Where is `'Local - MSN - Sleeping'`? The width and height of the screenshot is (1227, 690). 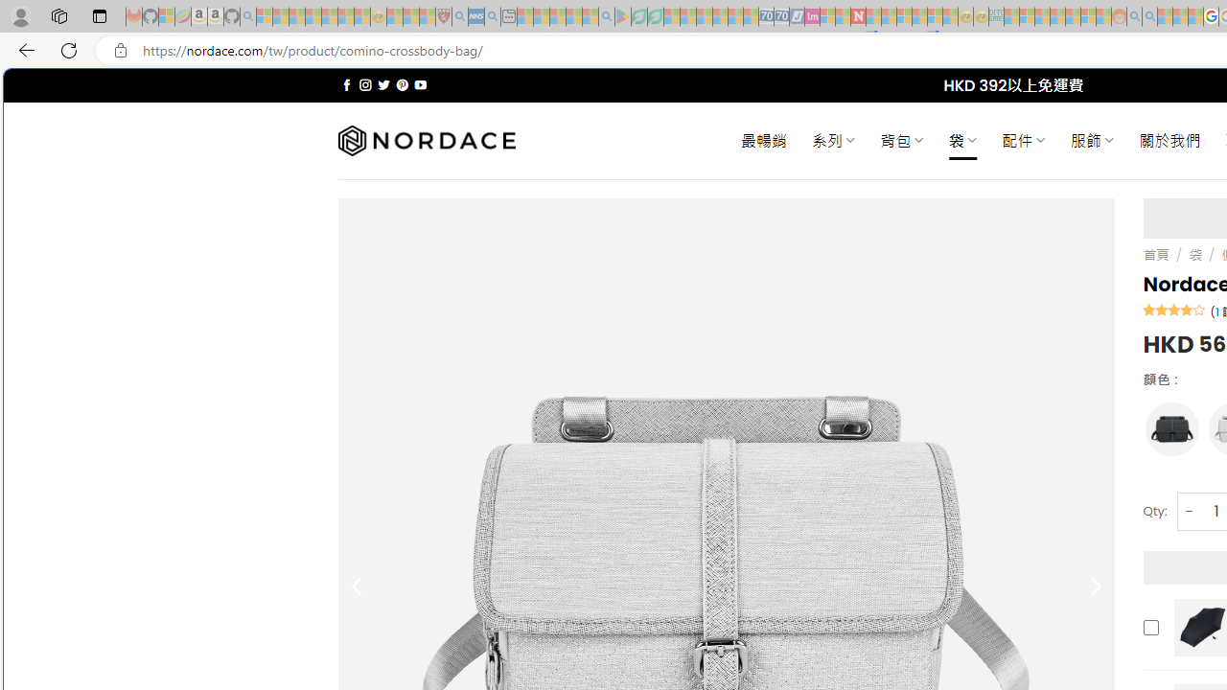 'Local - MSN - Sleeping' is located at coordinates (427, 16).